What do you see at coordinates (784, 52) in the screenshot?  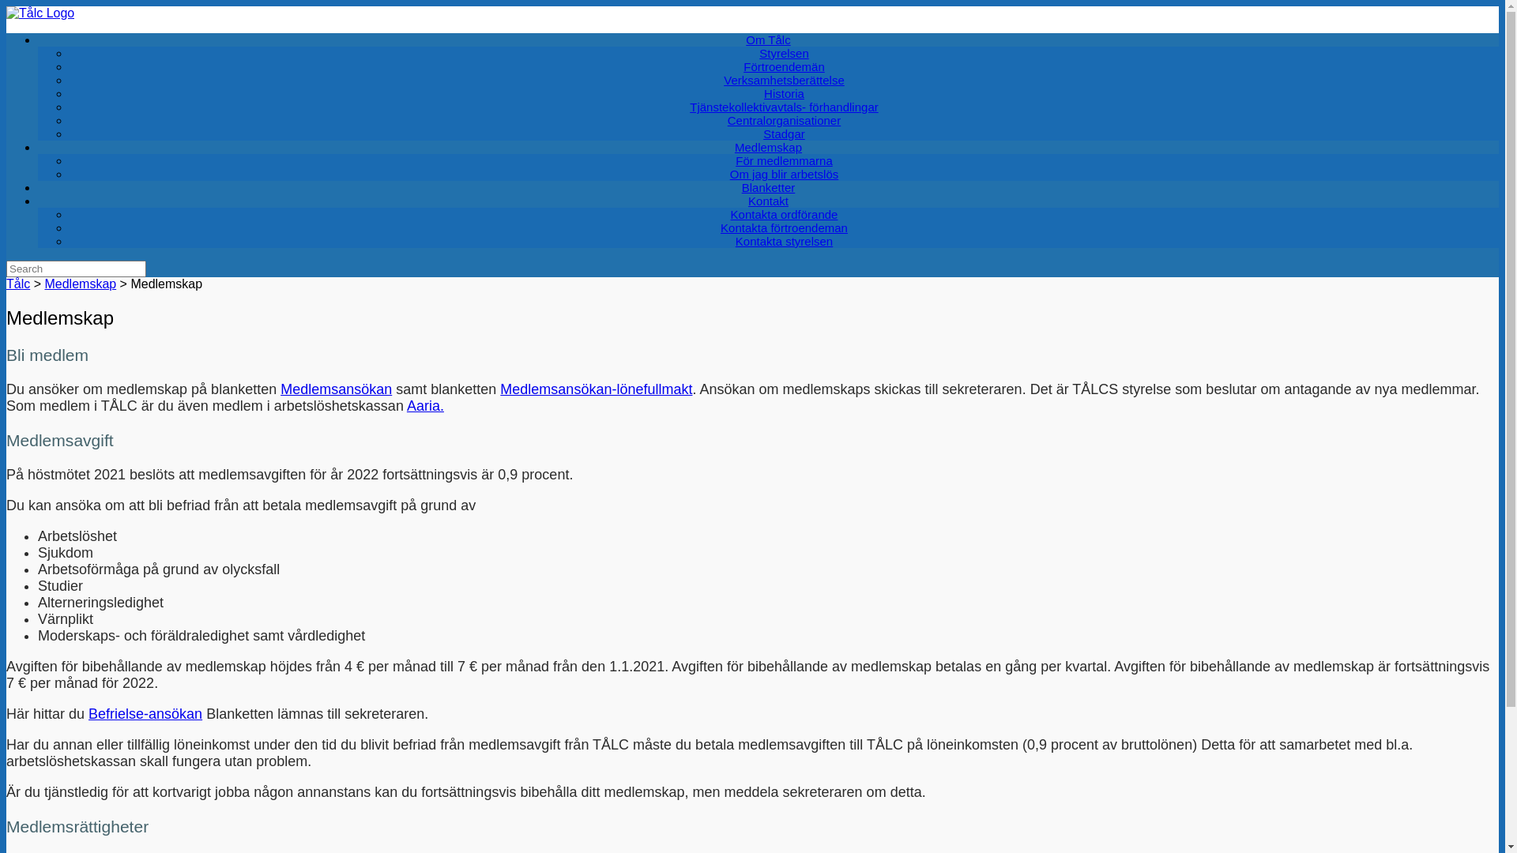 I see `'Styrelsen'` at bounding box center [784, 52].